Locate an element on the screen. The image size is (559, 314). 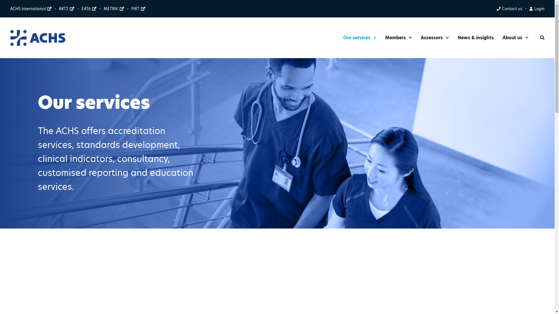
'EAT6' is located at coordinates (89, 9).